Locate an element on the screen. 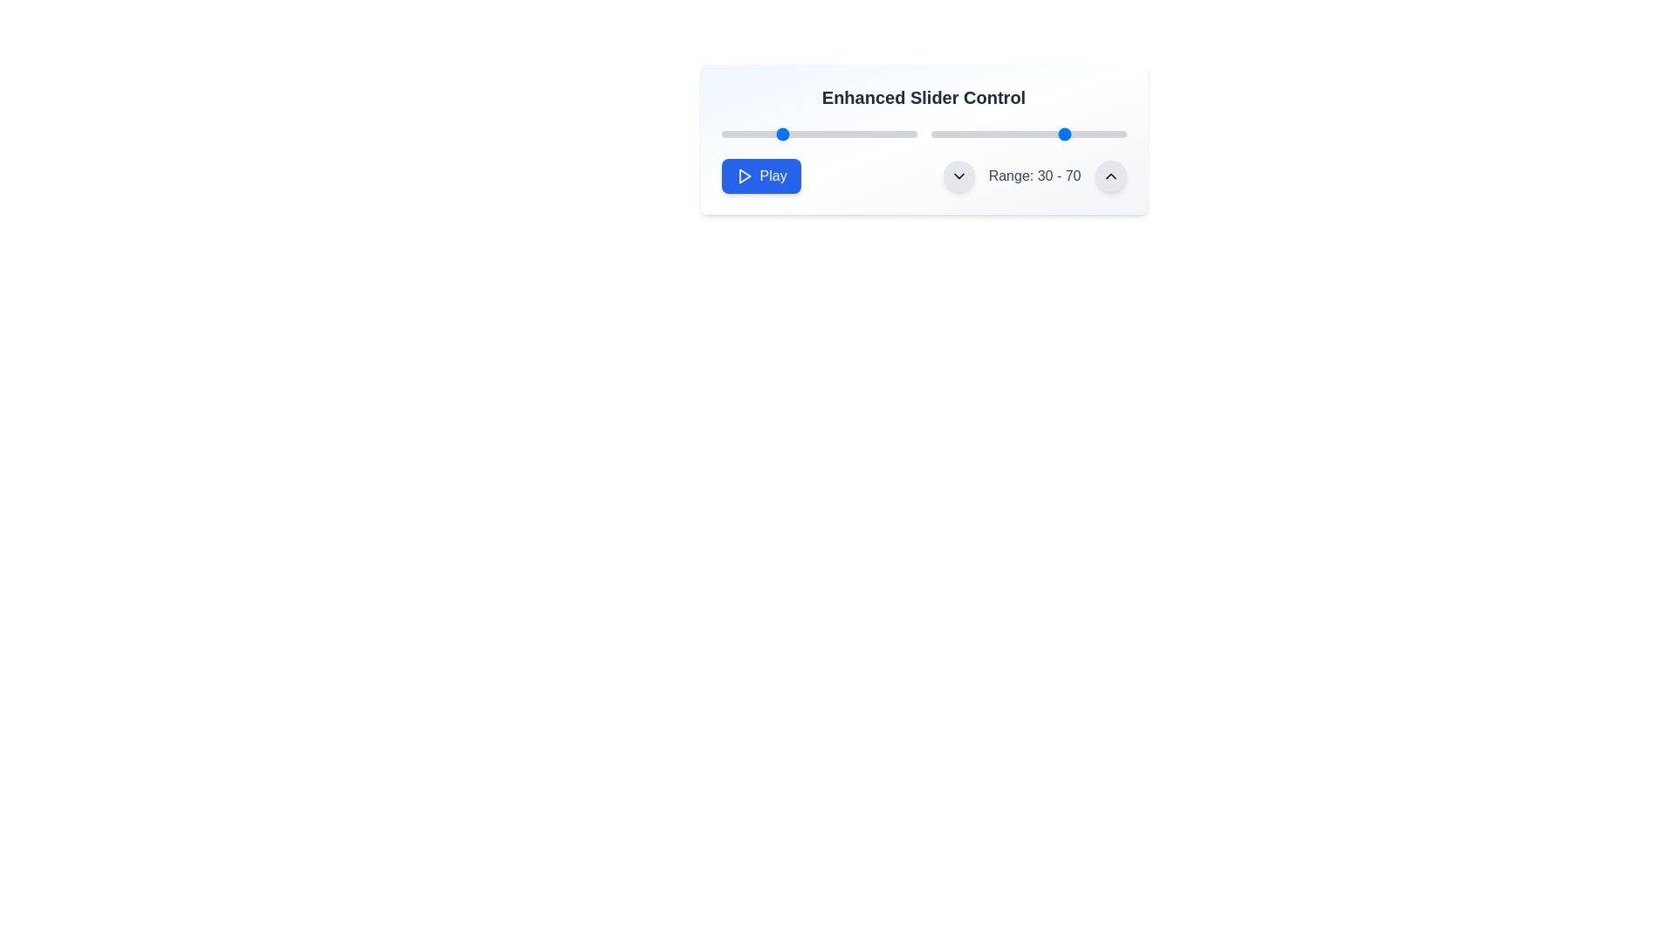 The width and height of the screenshot is (1676, 943). the static textual label displaying 'Range: 30 - 70', which is centrally positioned between two interactive buttons in a horizontal layout is located at coordinates (1034, 176).